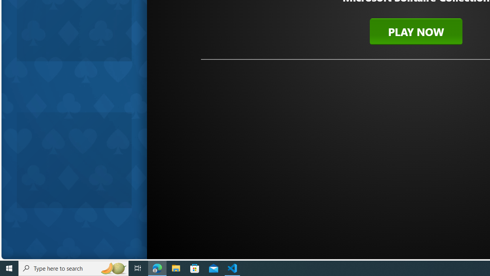 Image resolution: width=490 pixels, height=276 pixels. I want to click on 'PLAY NOW', so click(415, 31).